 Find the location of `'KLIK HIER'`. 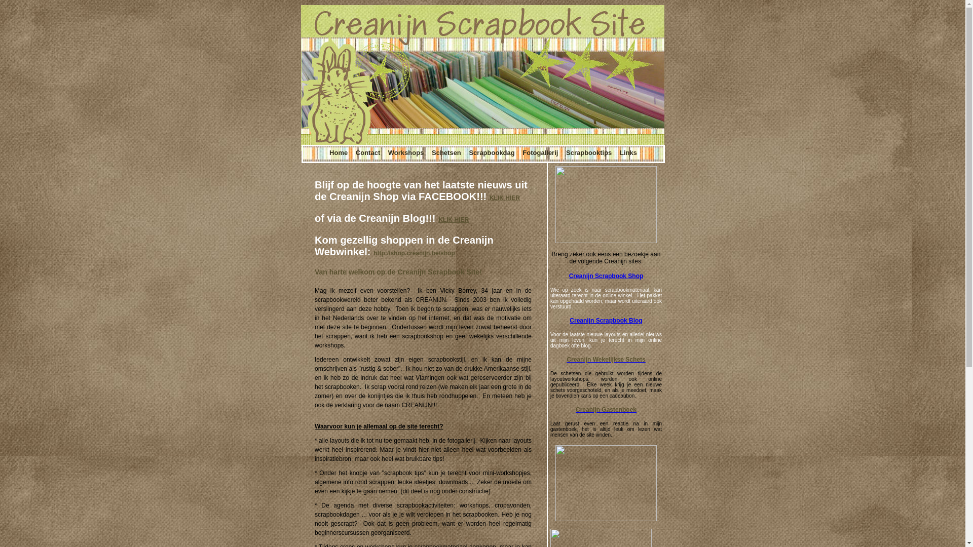

'KLIK HIER' is located at coordinates (453, 219).